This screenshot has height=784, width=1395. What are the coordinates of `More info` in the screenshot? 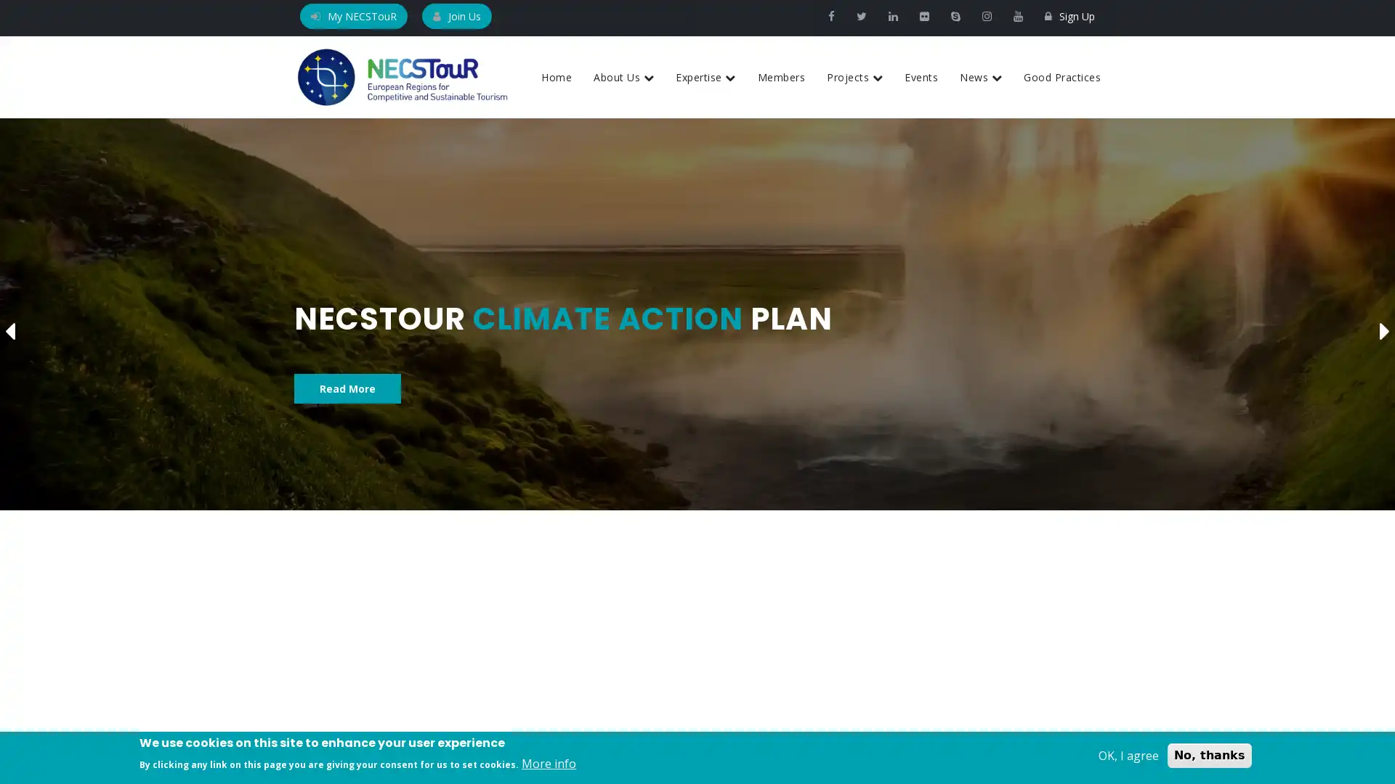 It's located at (548, 763).